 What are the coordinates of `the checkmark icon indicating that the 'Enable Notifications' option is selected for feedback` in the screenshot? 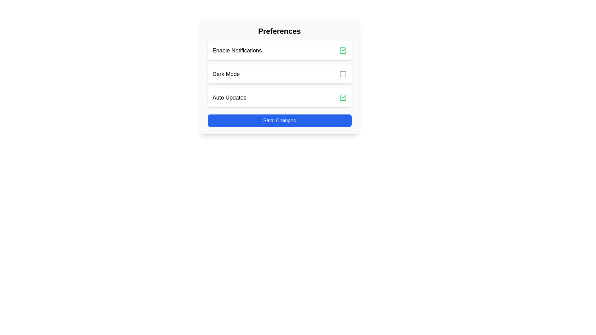 It's located at (342, 50).